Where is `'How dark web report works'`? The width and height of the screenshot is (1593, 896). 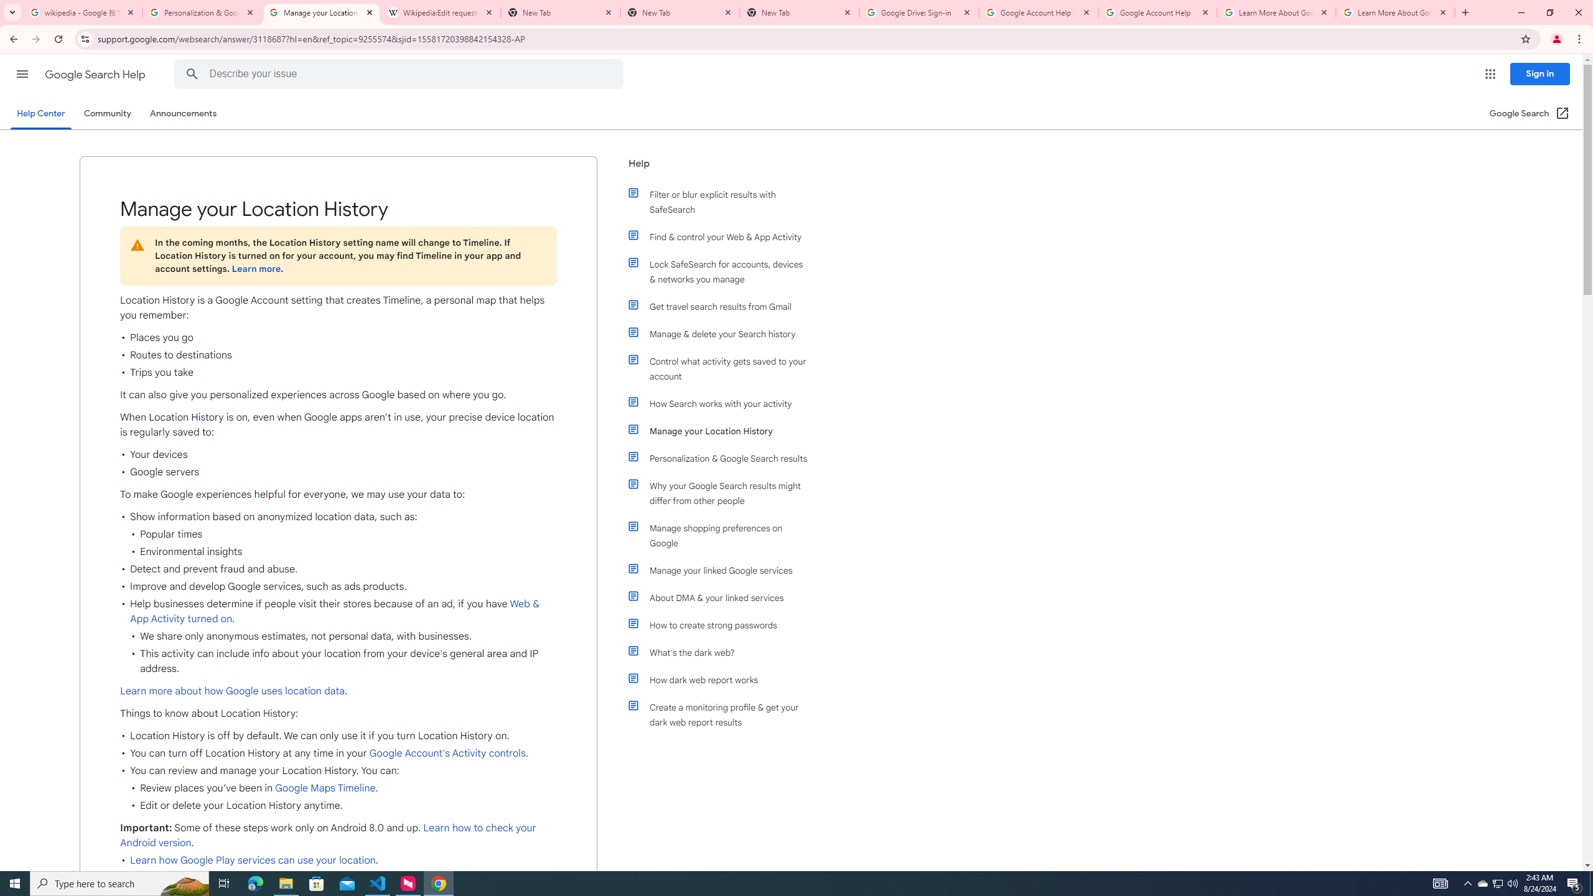
'How dark web report works' is located at coordinates (723, 679).